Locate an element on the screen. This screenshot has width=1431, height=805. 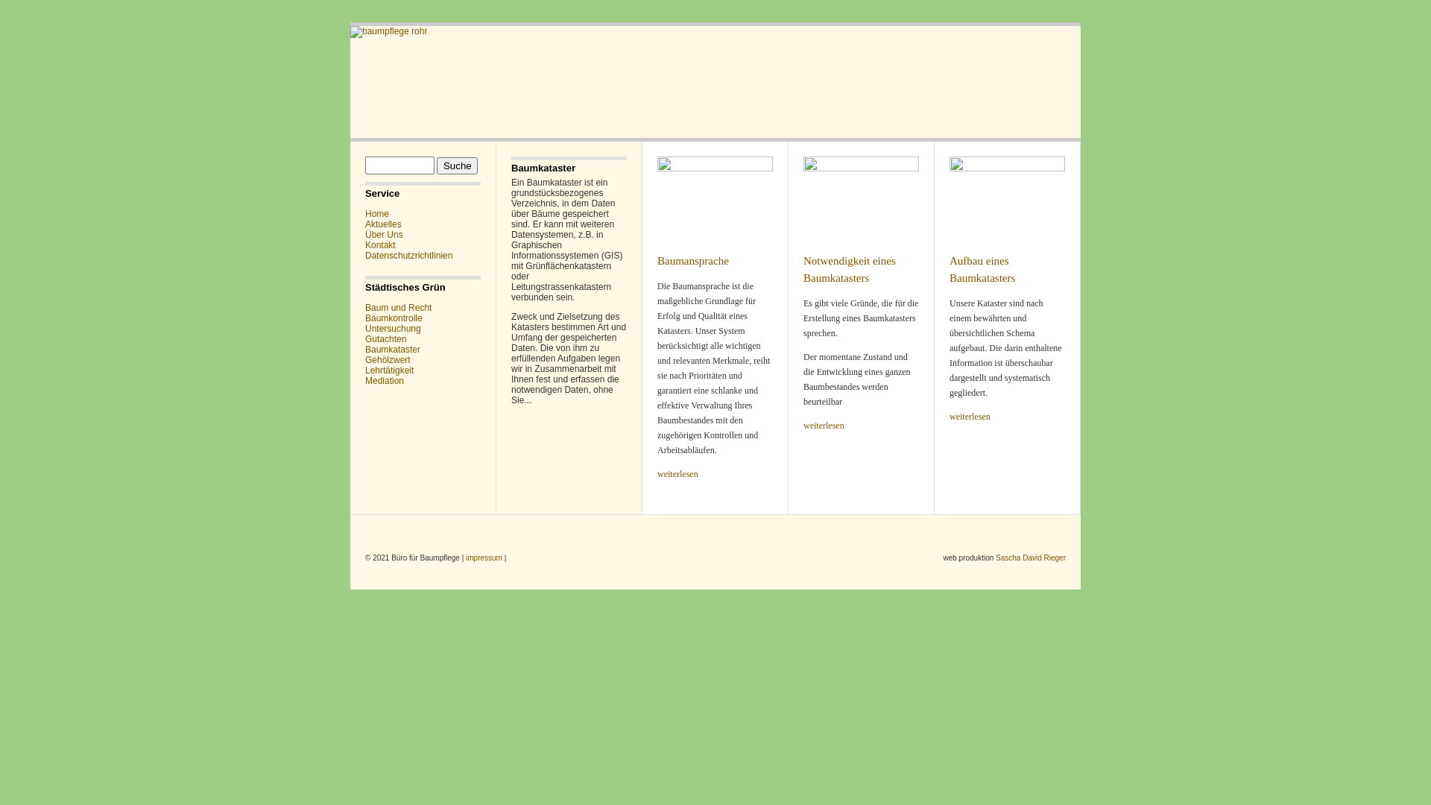
'Gutachten' is located at coordinates (364, 339).